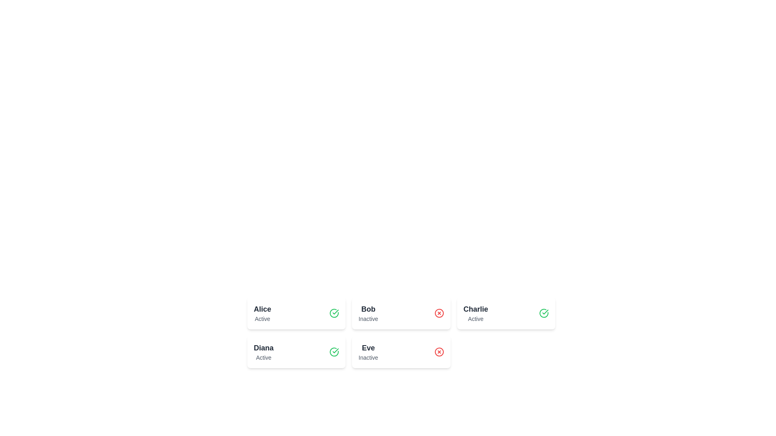 The height and width of the screenshot is (436, 776). I want to click on the composite text component that indicates the named entity 'Bob' with status 'Inactive', located as the third card in a row of similar cards, so click(368, 312).